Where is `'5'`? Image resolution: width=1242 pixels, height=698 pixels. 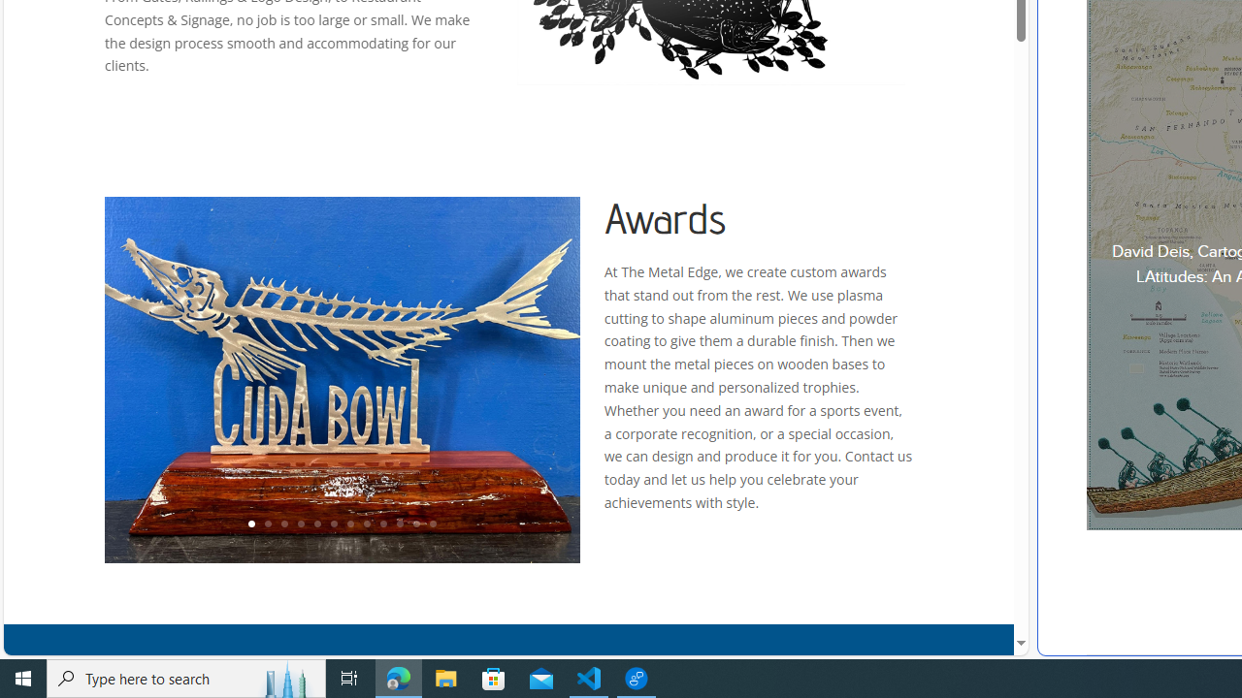
'5' is located at coordinates (317, 524).